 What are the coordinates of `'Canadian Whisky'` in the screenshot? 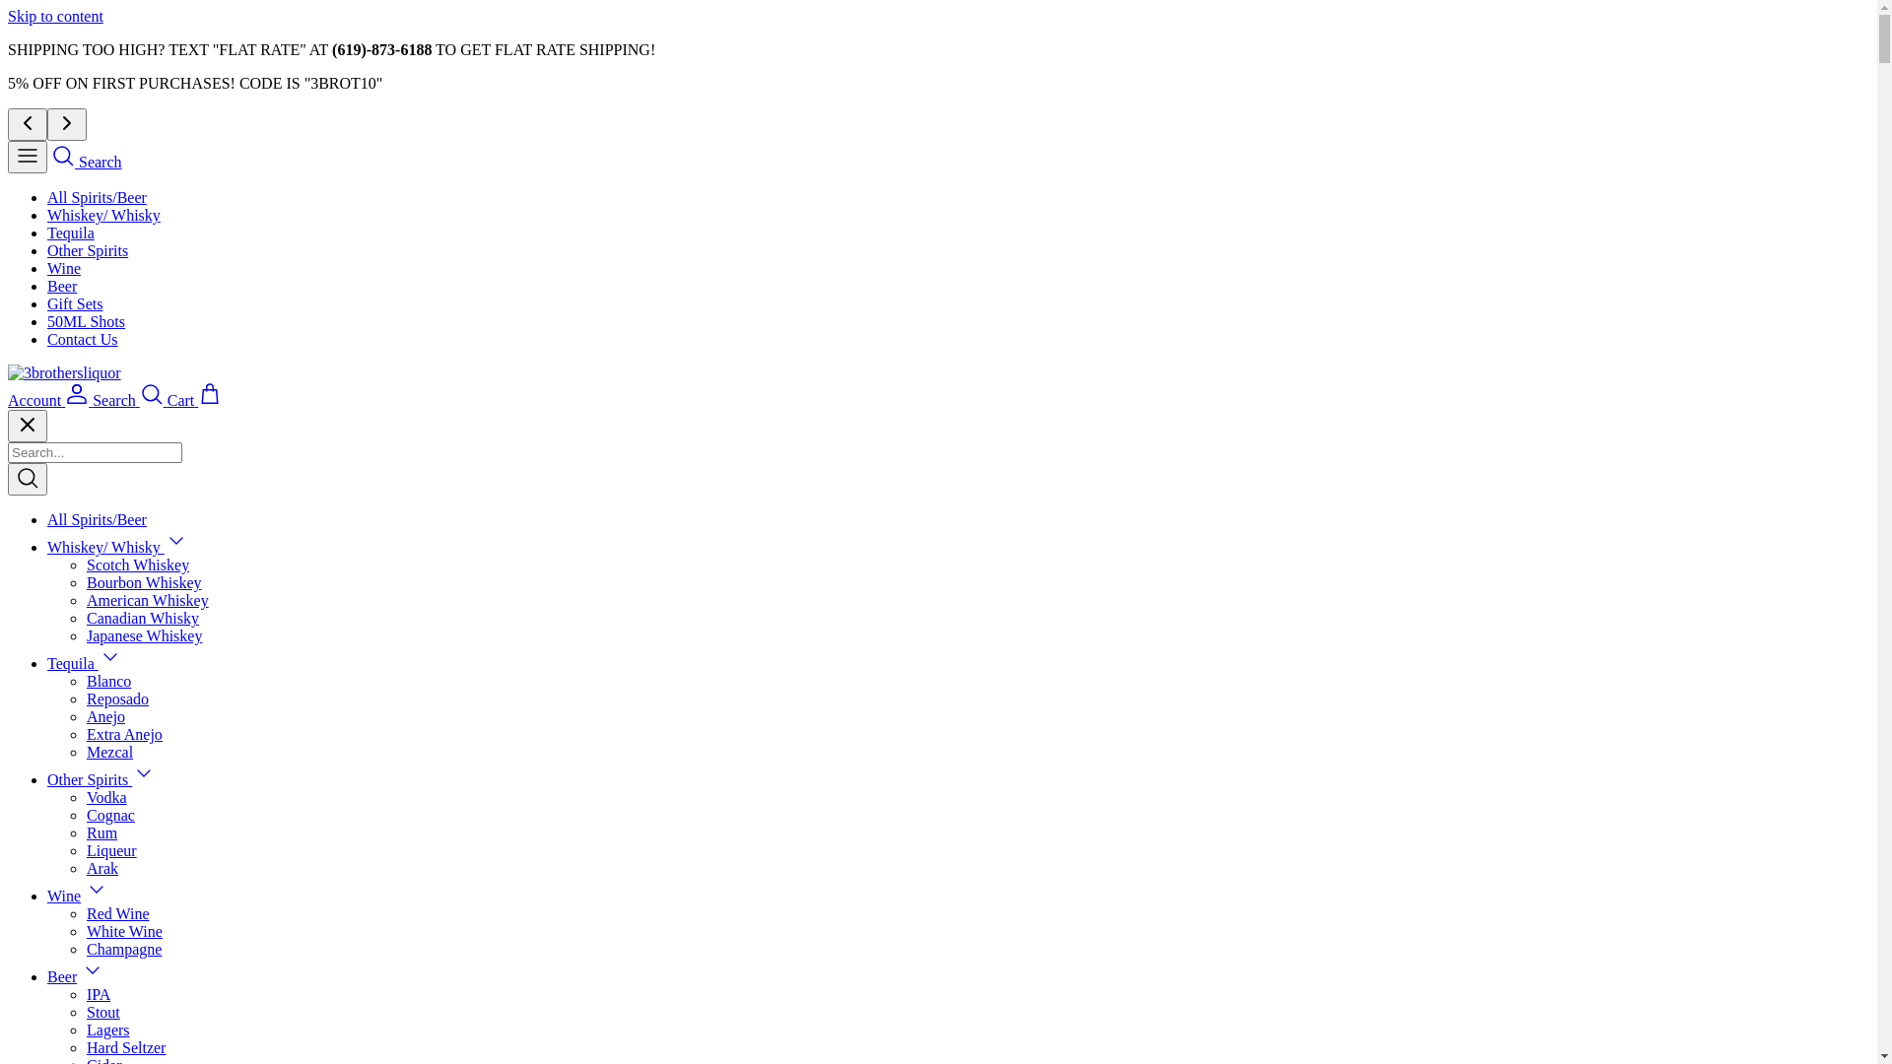 It's located at (85, 617).